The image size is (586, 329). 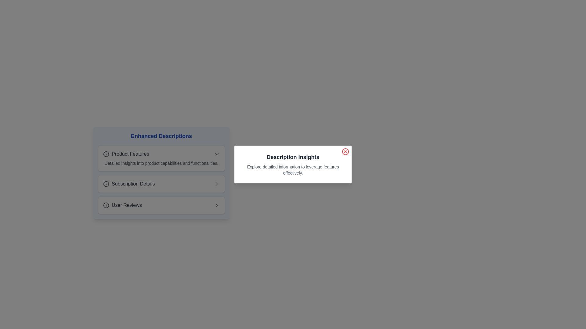 I want to click on the dismiss button located at the top-right corner of the 'Description Insights' panel, so click(x=345, y=151).